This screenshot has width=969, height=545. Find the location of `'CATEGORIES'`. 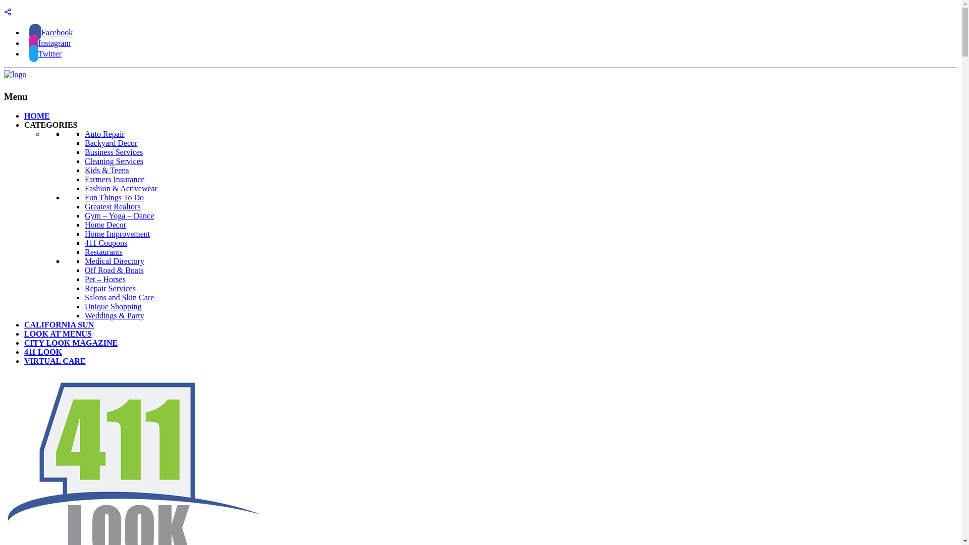

'CATEGORIES' is located at coordinates (24, 124).